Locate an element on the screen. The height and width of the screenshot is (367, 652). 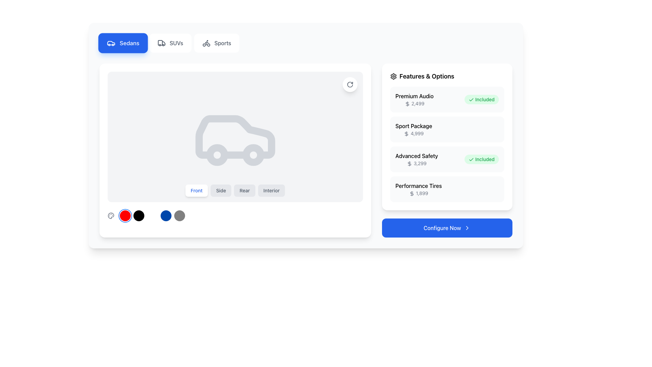
the small, green checkmark icon located within the 'Included' badge in the 'Features & Options' section, adjacent to the 'Premium Audio' option is located at coordinates (471, 100).